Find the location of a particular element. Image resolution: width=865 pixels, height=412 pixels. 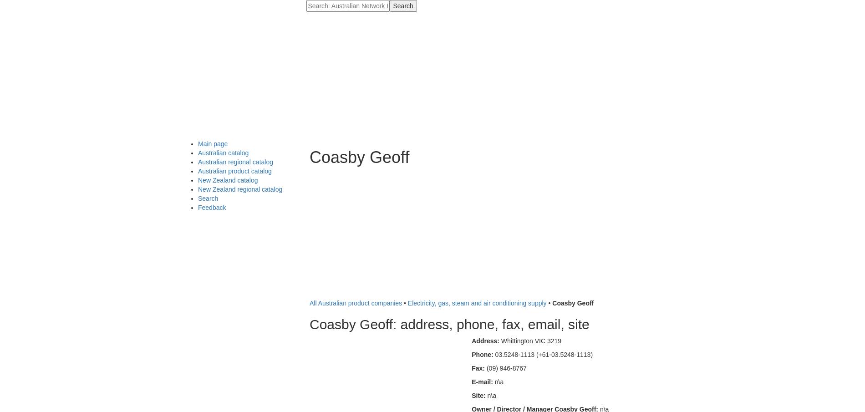

'Main page' is located at coordinates (212, 143).